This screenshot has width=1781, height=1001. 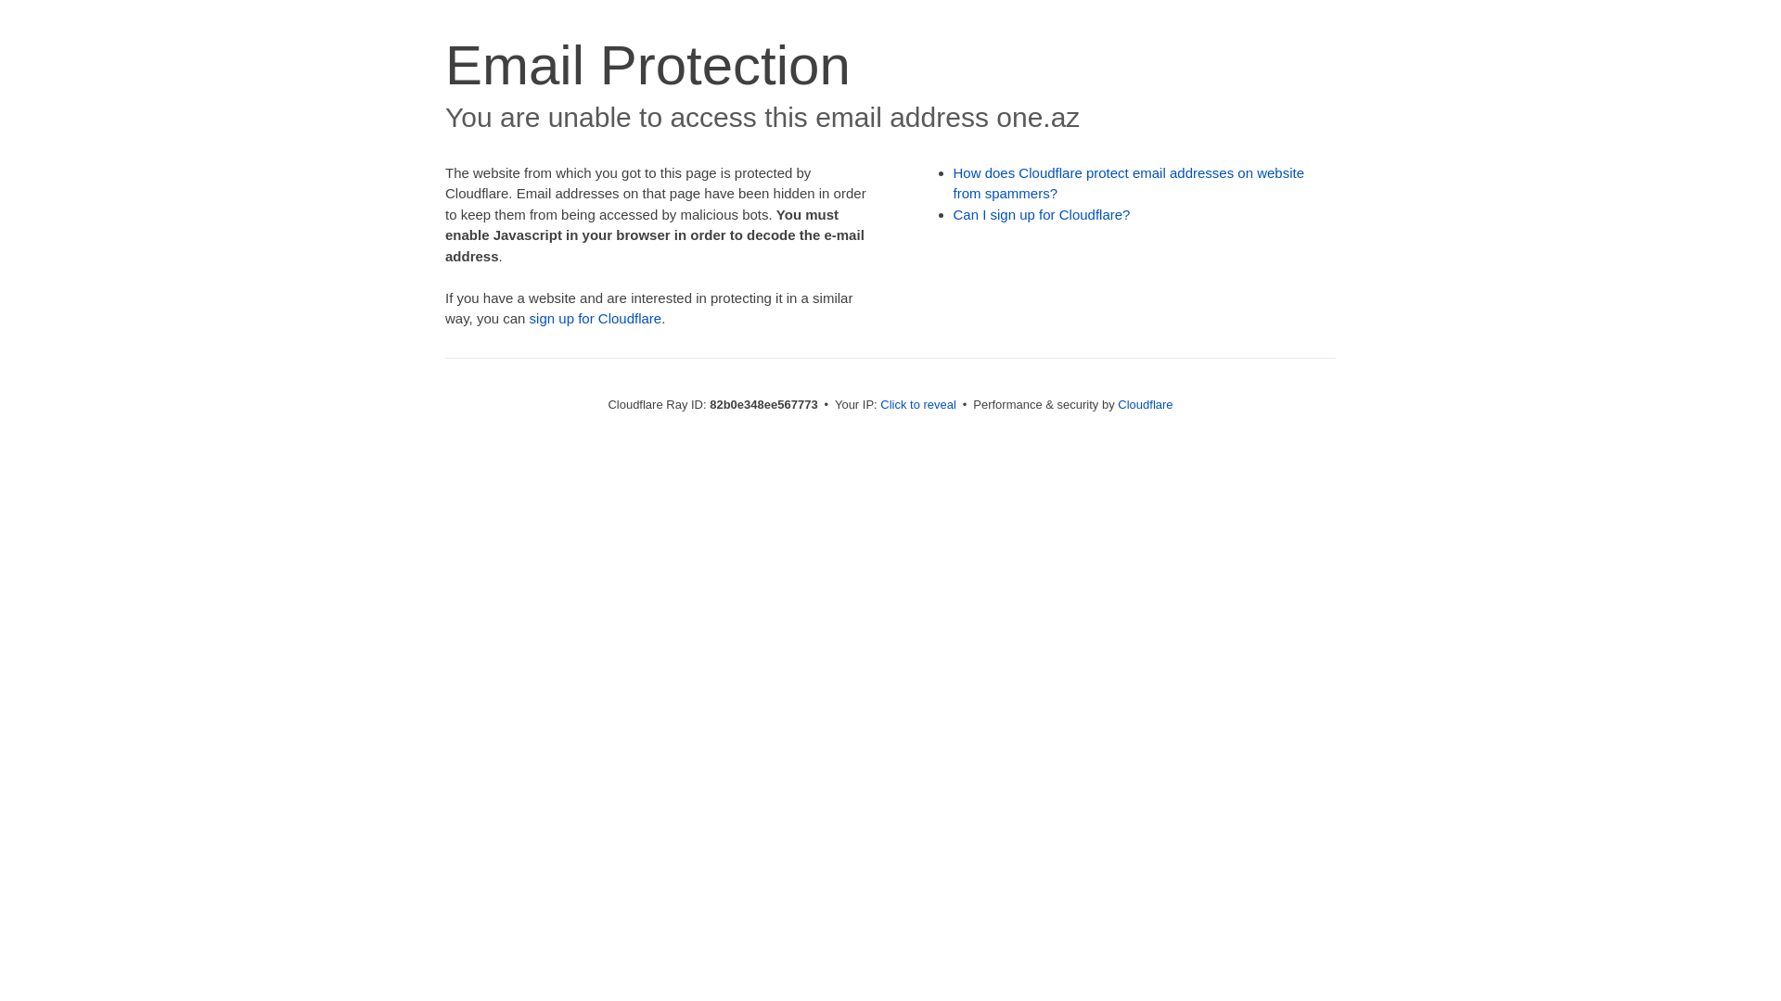 I want to click on 'Cloudflare', so click(x=1144, y=403).